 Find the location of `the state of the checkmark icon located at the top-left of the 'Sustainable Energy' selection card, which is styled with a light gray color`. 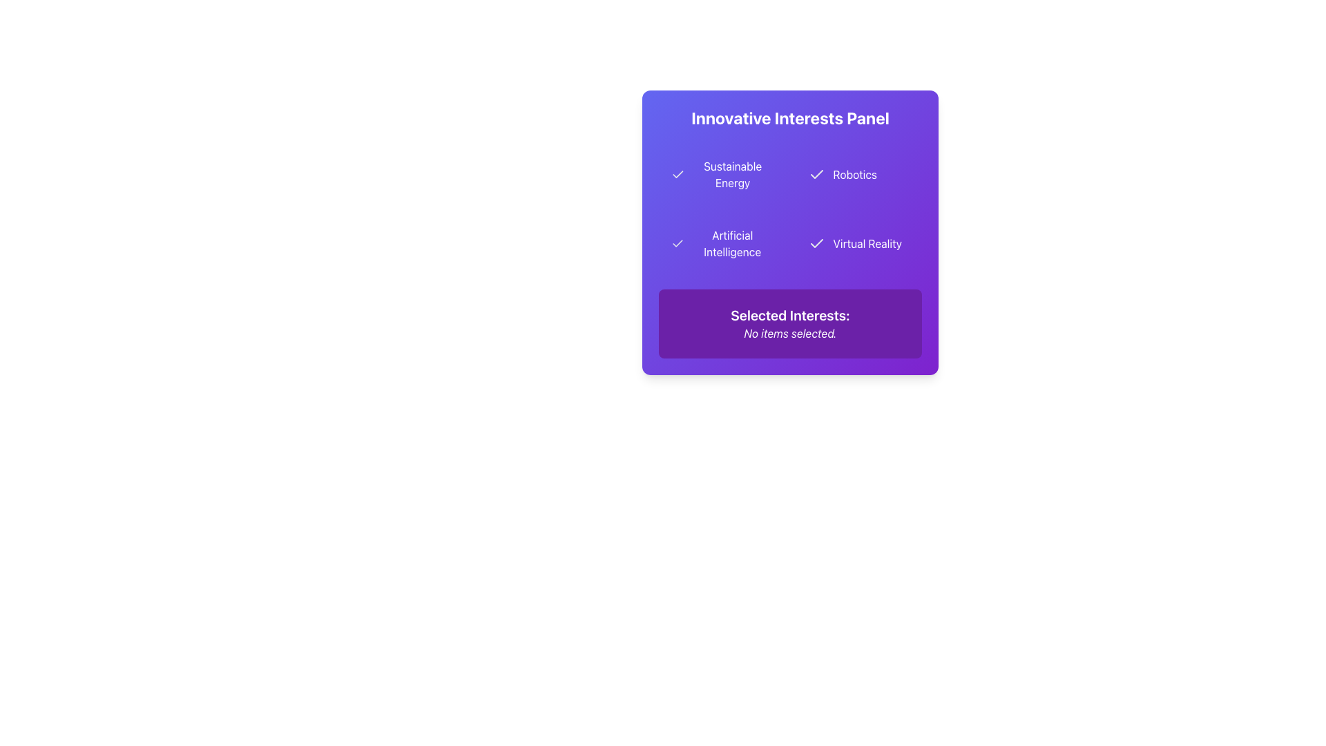

the state of the checkmark icon located at the top-left of the 'Sustainable Energy' selection card, which is styled with a light gray color is located at coordinates (678, 174).